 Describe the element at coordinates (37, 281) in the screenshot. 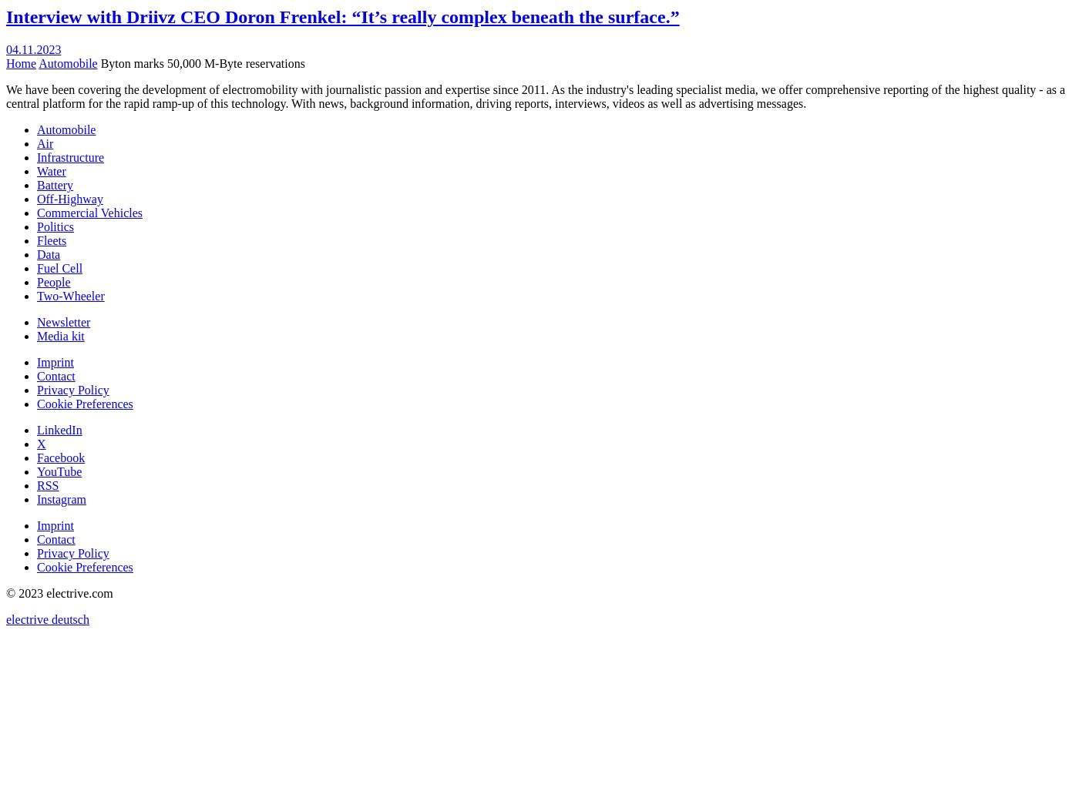

I see `'People'` at that location.